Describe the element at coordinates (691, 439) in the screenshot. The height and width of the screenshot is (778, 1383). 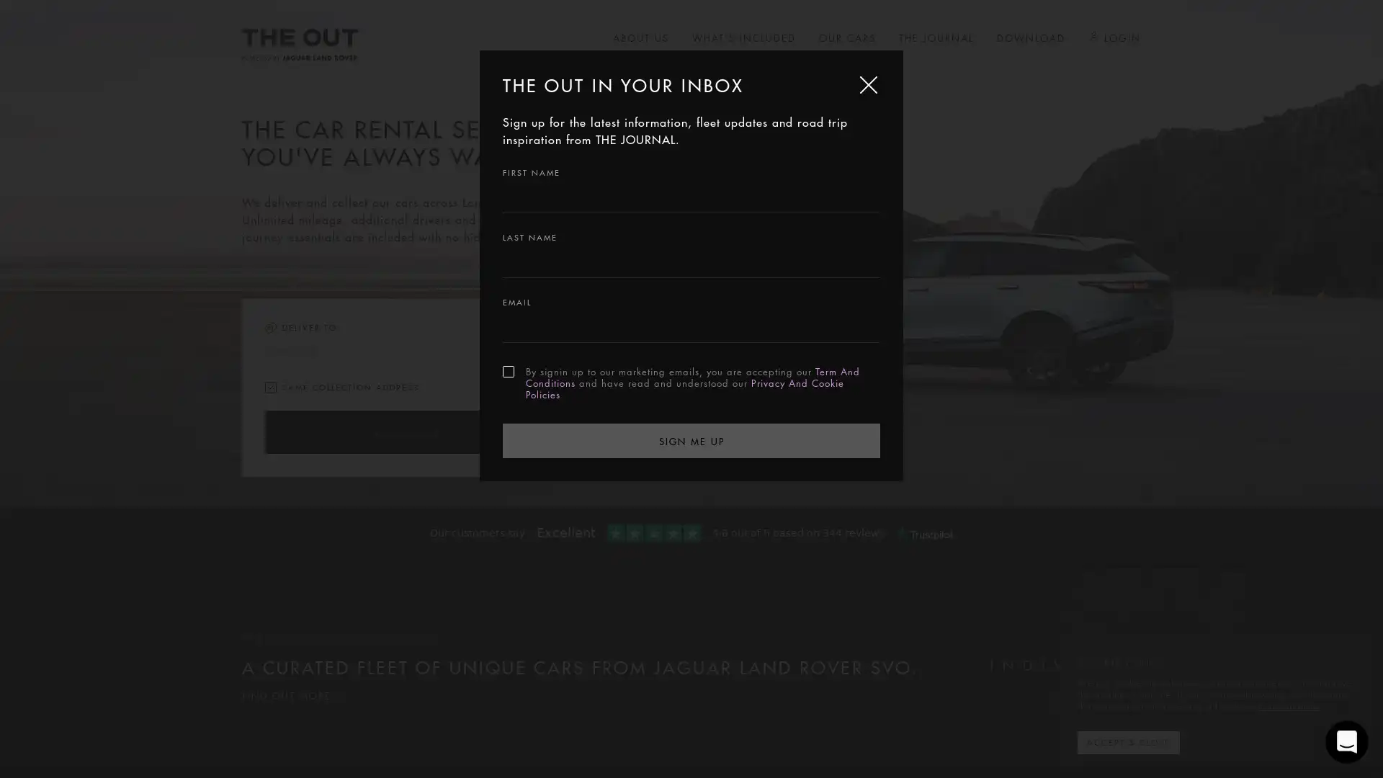
I see `SIGN ME UP` at that location.